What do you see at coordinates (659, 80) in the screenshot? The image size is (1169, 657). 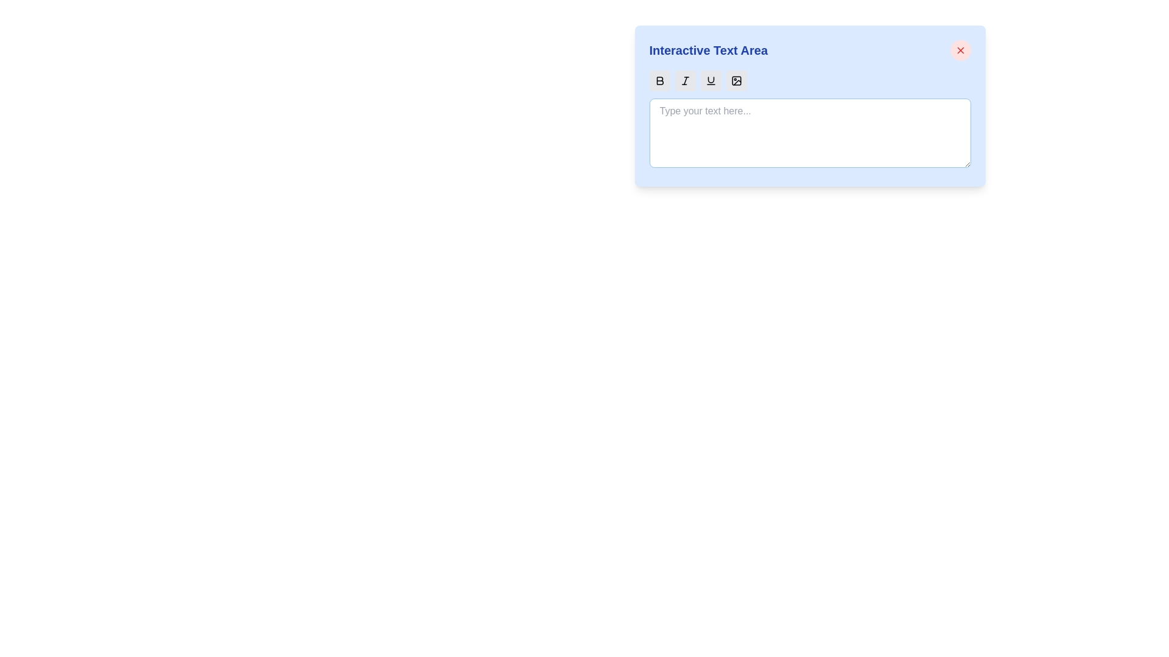 I see `the bold formatting button, which is the first button in the row of formatting options above the text input area` at bounding box center [659, 80].